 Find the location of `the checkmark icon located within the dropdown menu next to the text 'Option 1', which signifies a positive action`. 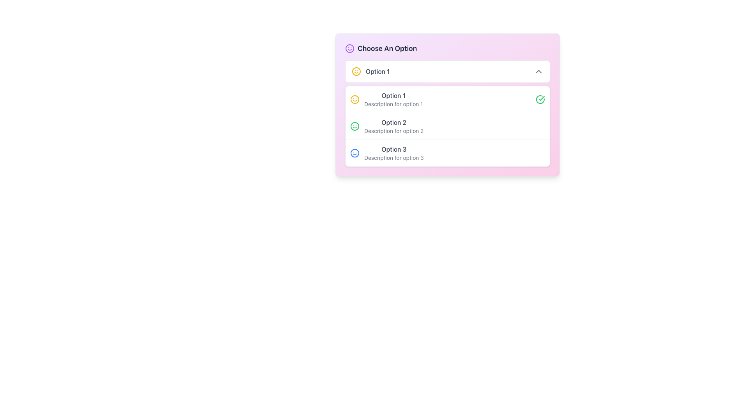

the checkmark icon located within the dropdown menu next to the text 'Option 1', which signifies a positive action is located at coordinates (541, 98).